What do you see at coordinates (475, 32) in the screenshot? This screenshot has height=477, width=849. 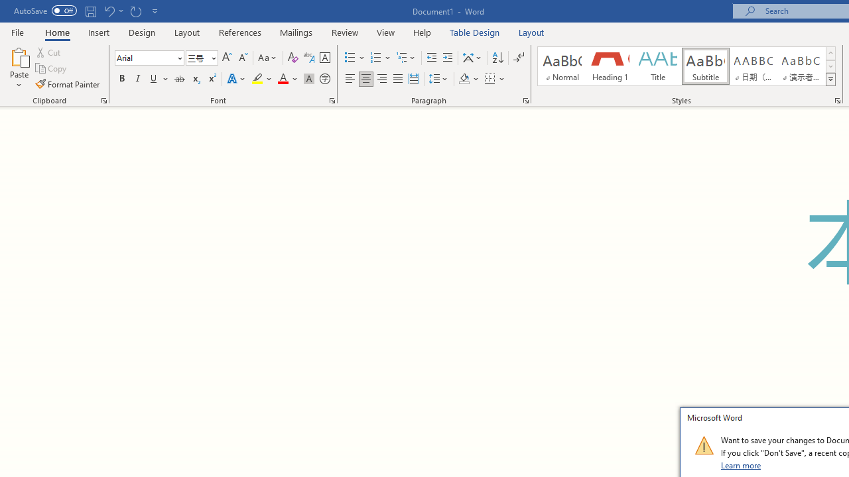 I see `'Table Design'` at bounding box center [475, 32].